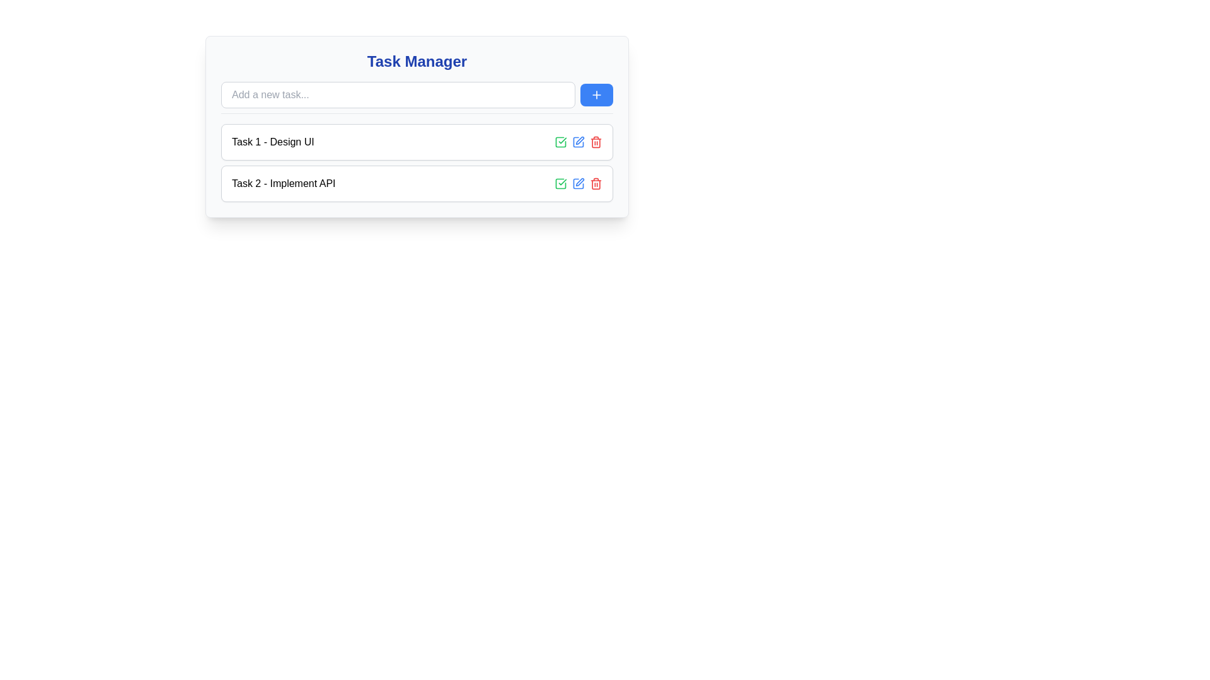 This screenshot has height=680, width=1210. Describe the element at coordinates (596, 94) in the screenshot. I see `the SVG icon representing a plus sign embedded within the blue button` at that location.